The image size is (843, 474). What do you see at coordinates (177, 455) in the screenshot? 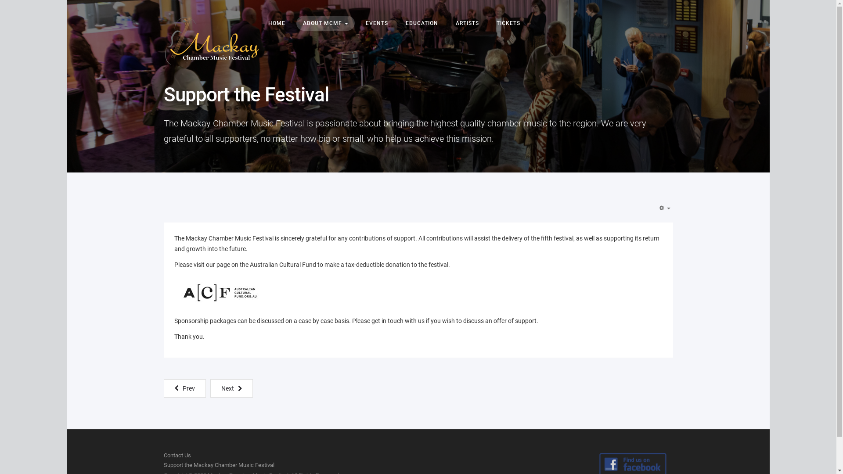
I see `'Contact Us'` at bounding box center [177, 455].